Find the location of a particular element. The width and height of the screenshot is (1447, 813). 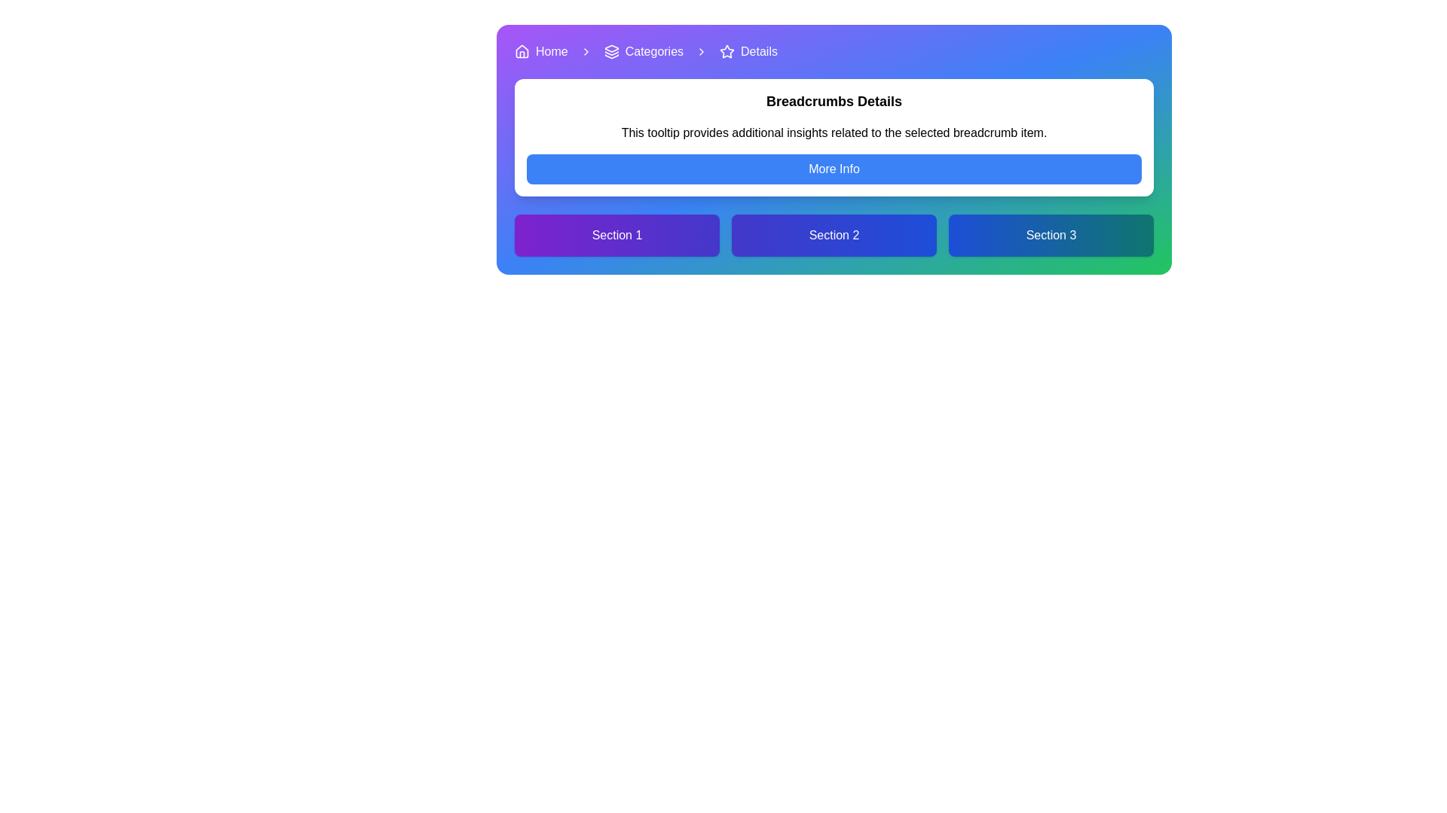

the star-shaped icon with a hollow center located in the breadcrumb navigation bar next to the 'Details' text is located at coordinates (727, 50).